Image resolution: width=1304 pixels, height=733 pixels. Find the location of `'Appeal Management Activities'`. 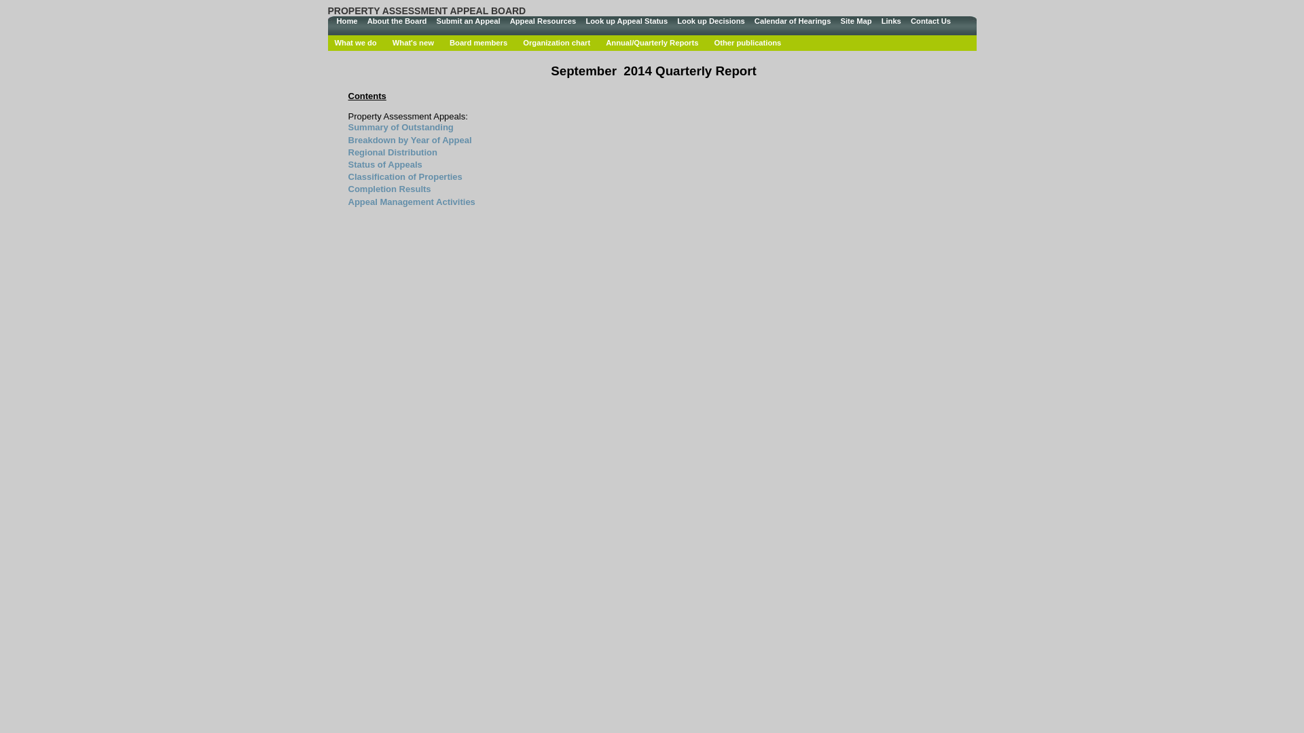

'Appeal Management Activities' is located at coordinates (410, 202).